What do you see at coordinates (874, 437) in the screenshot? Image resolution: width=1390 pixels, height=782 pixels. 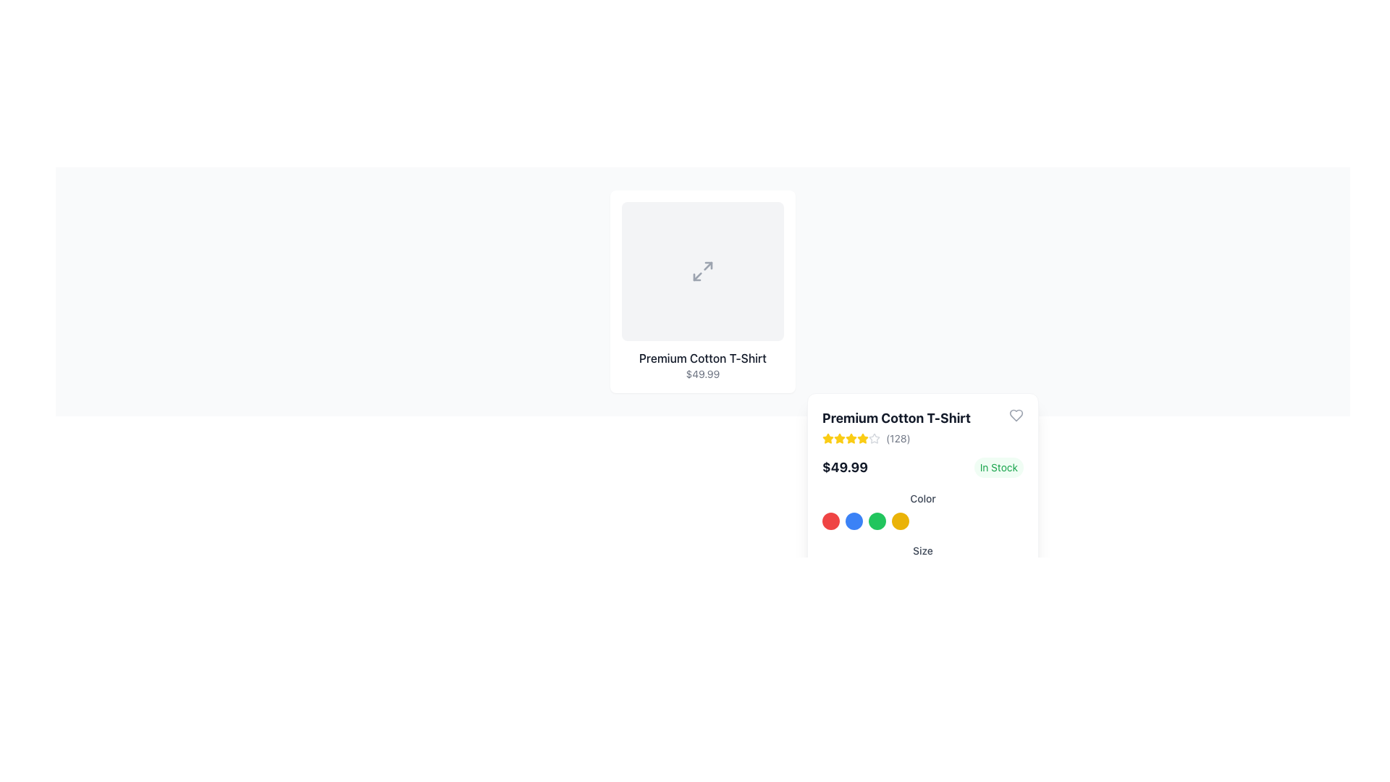 I see `the fifth star icon in the rating component to assign a rating` at bounding box center [874, 437].